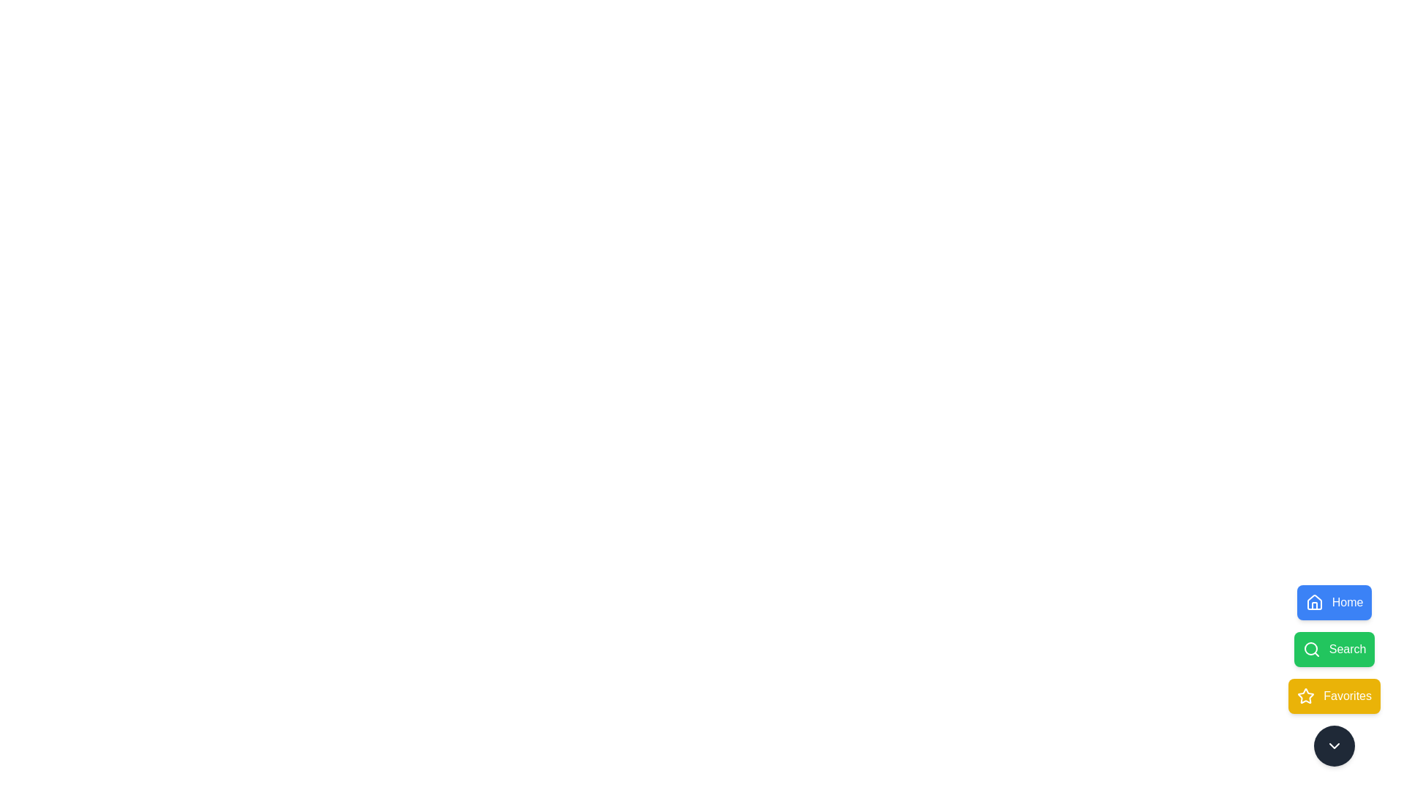 Image resolution: width=1404 pixels, height=790 pixels. I want to click on the toggle button to toggle the visibility of the speed dial menu, so click(1334, 745).